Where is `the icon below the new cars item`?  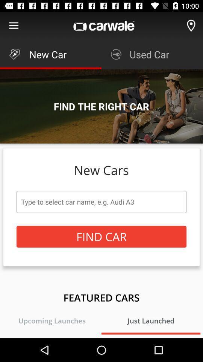
the icon below the new cars item is located at coordinates (101, 201).